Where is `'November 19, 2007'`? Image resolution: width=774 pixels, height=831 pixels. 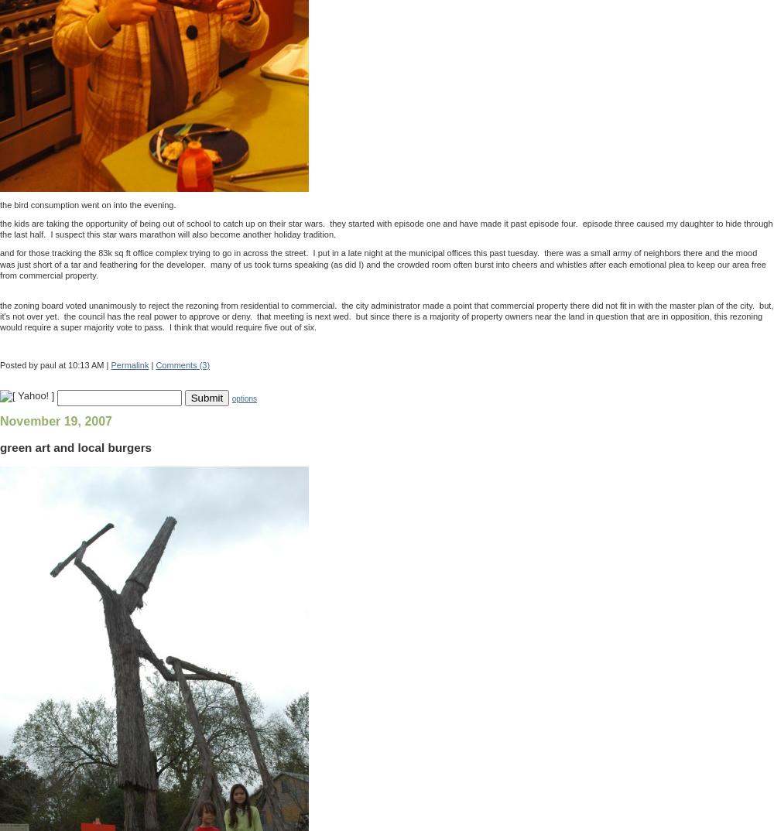 'November 19, 2007' is located at coordinates (0, 420).